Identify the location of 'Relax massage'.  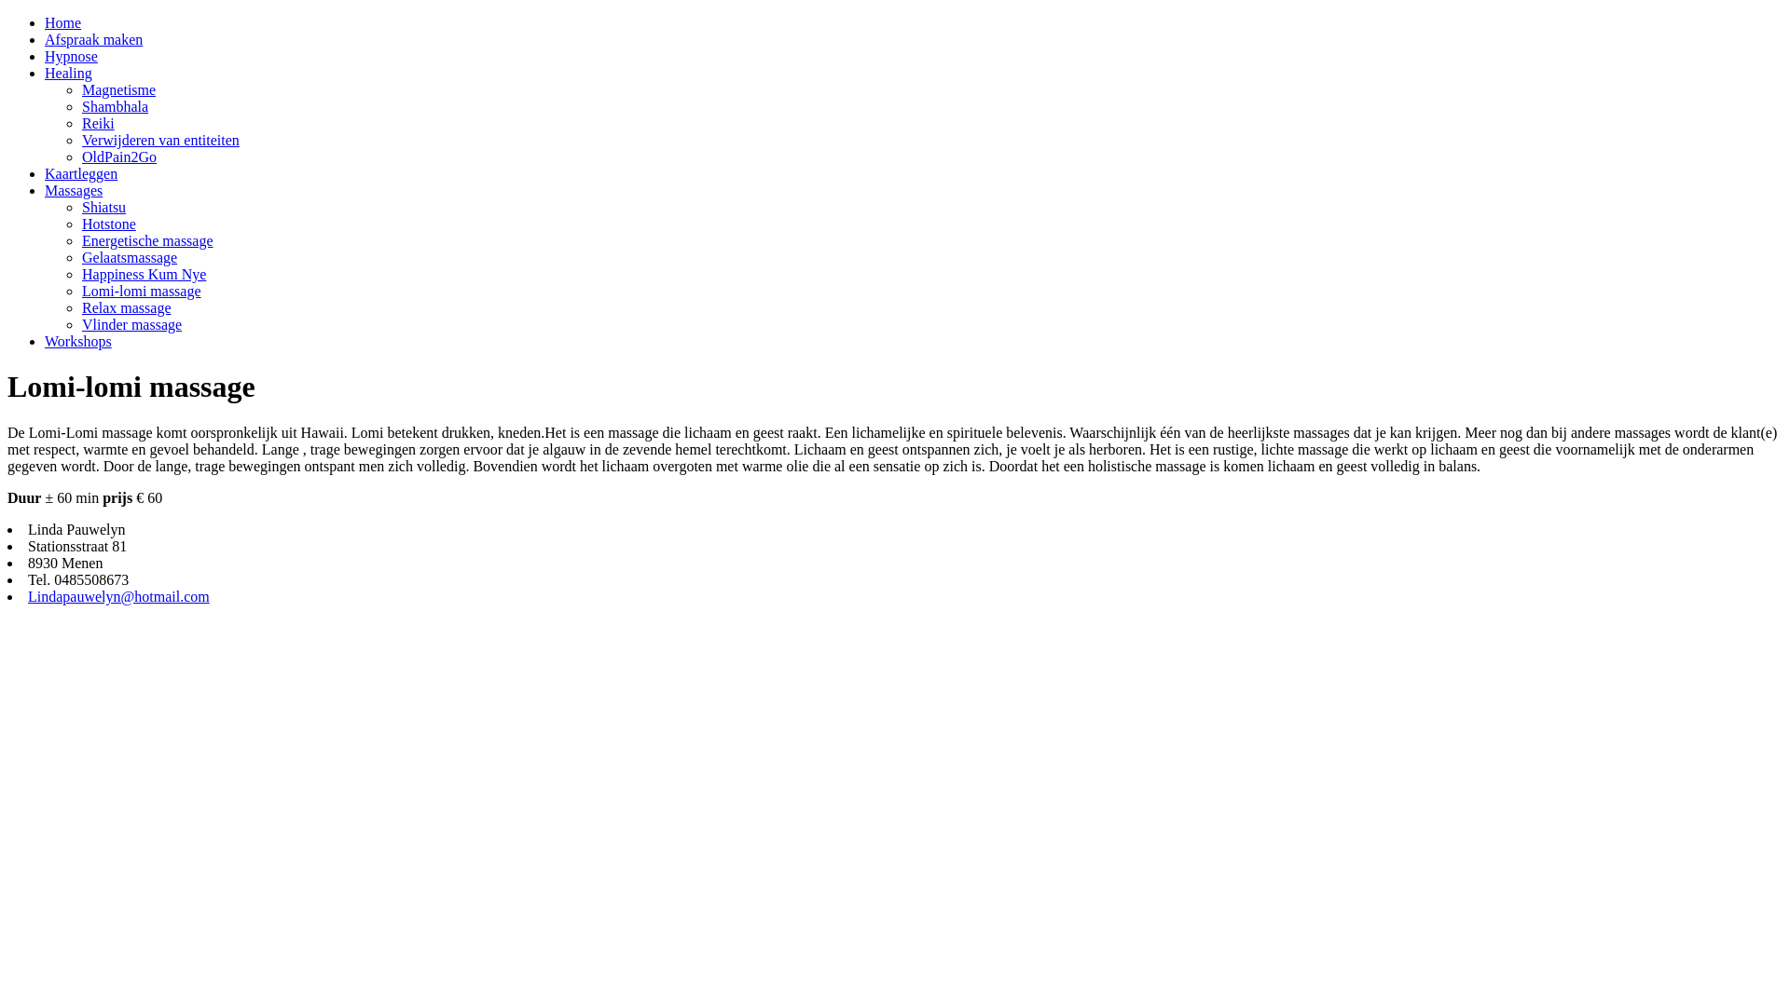
(125, 306).